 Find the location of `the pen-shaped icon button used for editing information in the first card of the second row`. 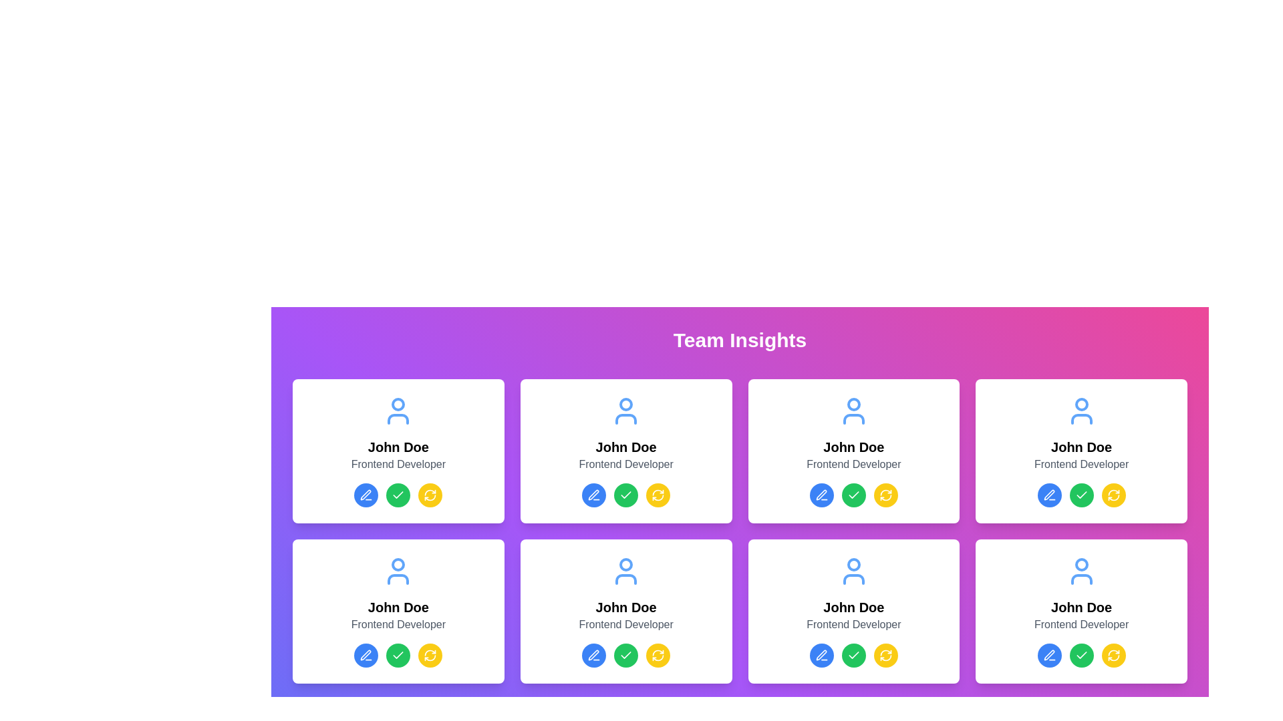

the pen-shaped icon button used for editing information in the first card of the second row is located at coordinates (821, 495).